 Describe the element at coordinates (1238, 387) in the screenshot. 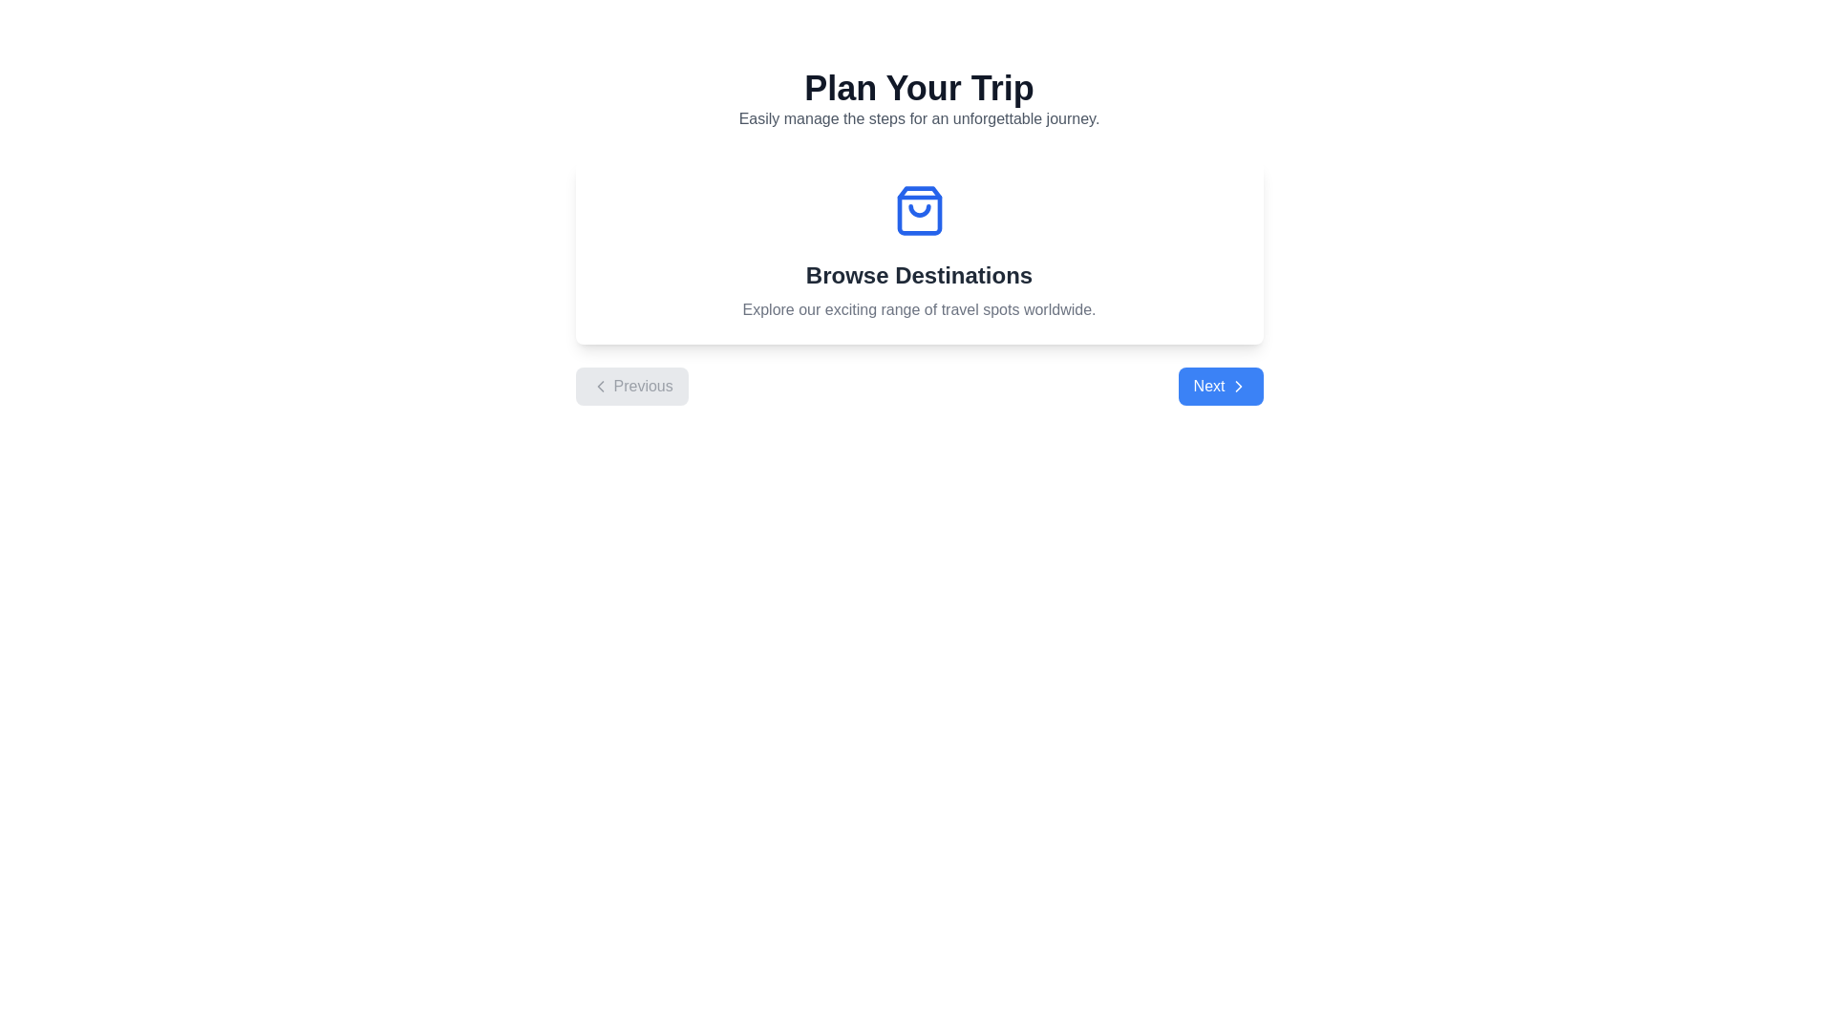

I see `the small arrow-shaped graphical chevron within the 'Next' button` at that location.